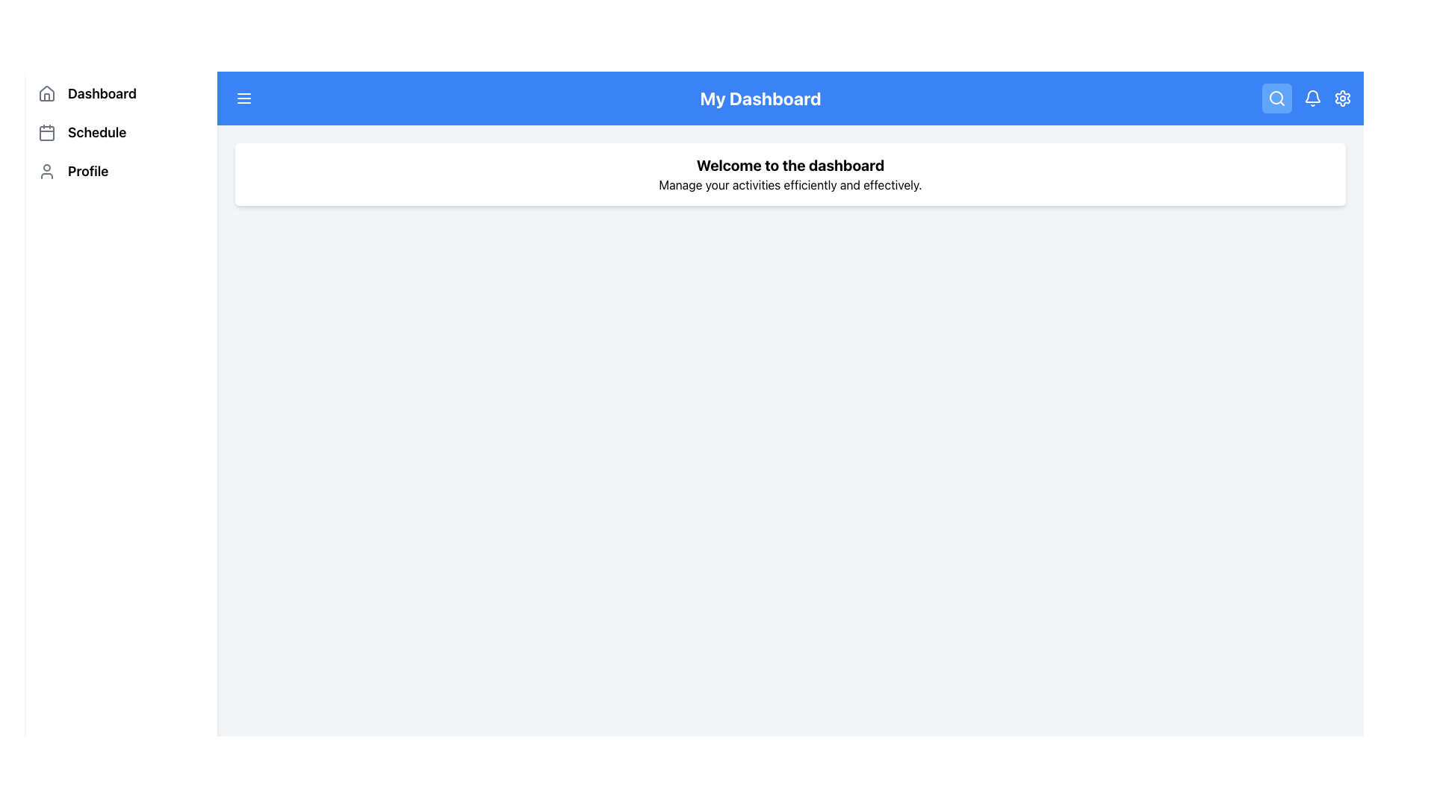  What do you see at coordinates (46, 171) in the screenshot?
I see `the 'Profile' menu item icon located in the sidebar menu, which is positioned directly below the 'Schedule' menu item` at bounding box center [46, 171].